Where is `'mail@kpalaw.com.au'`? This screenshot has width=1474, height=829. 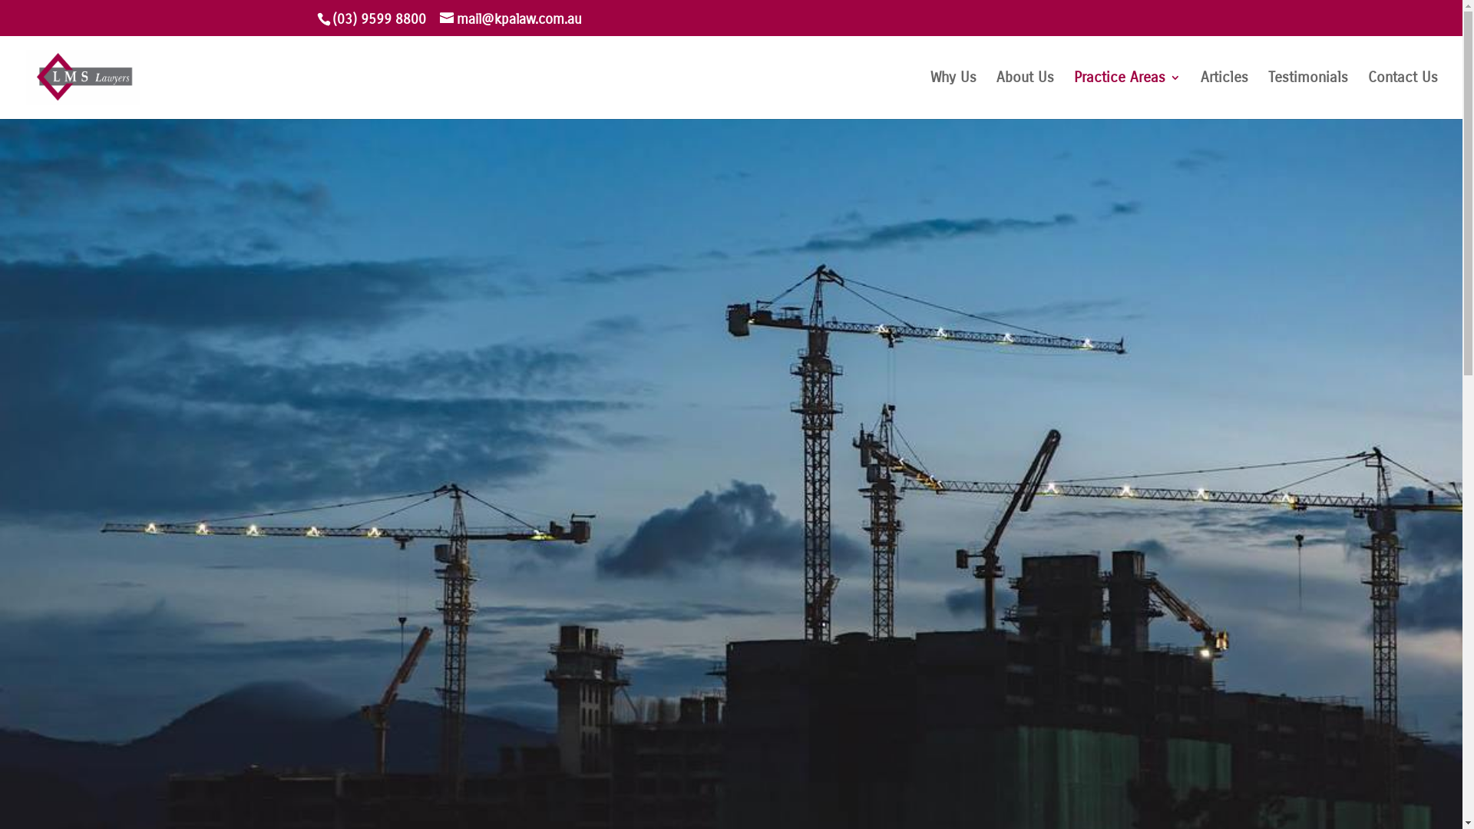 'mail@kpalaw.com.au' is located at coordinates (510, 18).